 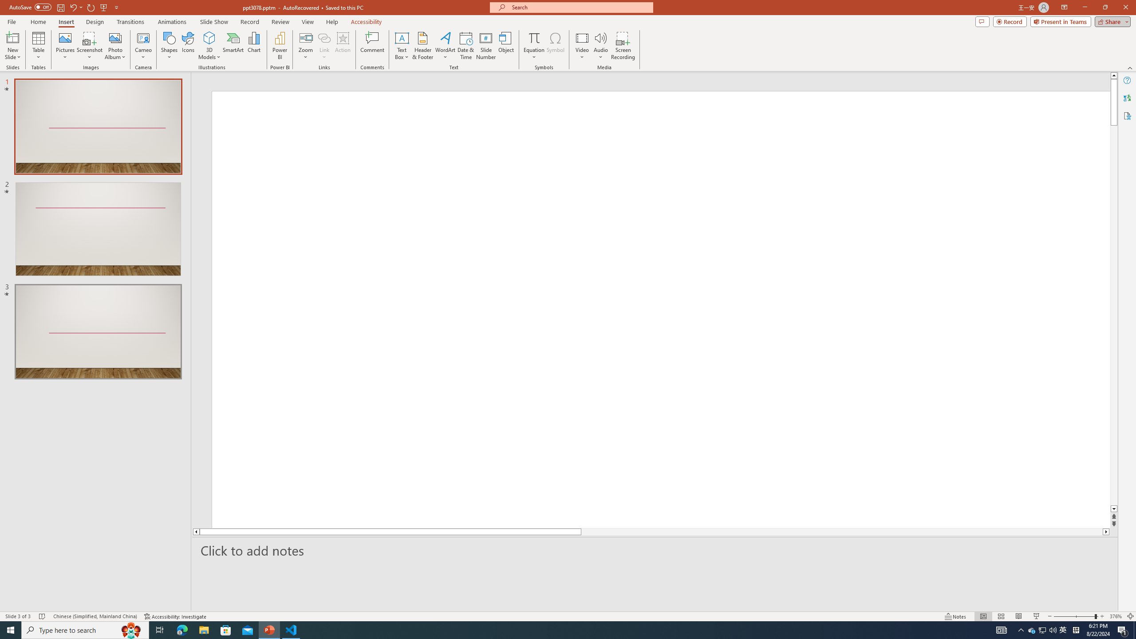 What do you see at coordinates (485, 46) in the screenshot?
I see `'Slide Number'` at bounding box center [485, 46].